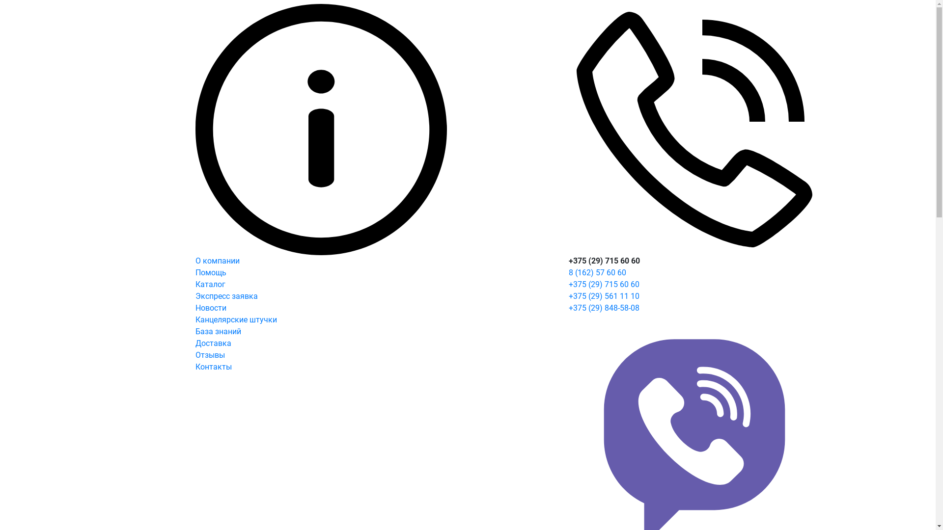  I want to click on '+375 (29) 848-58-08', so click(568, 307).